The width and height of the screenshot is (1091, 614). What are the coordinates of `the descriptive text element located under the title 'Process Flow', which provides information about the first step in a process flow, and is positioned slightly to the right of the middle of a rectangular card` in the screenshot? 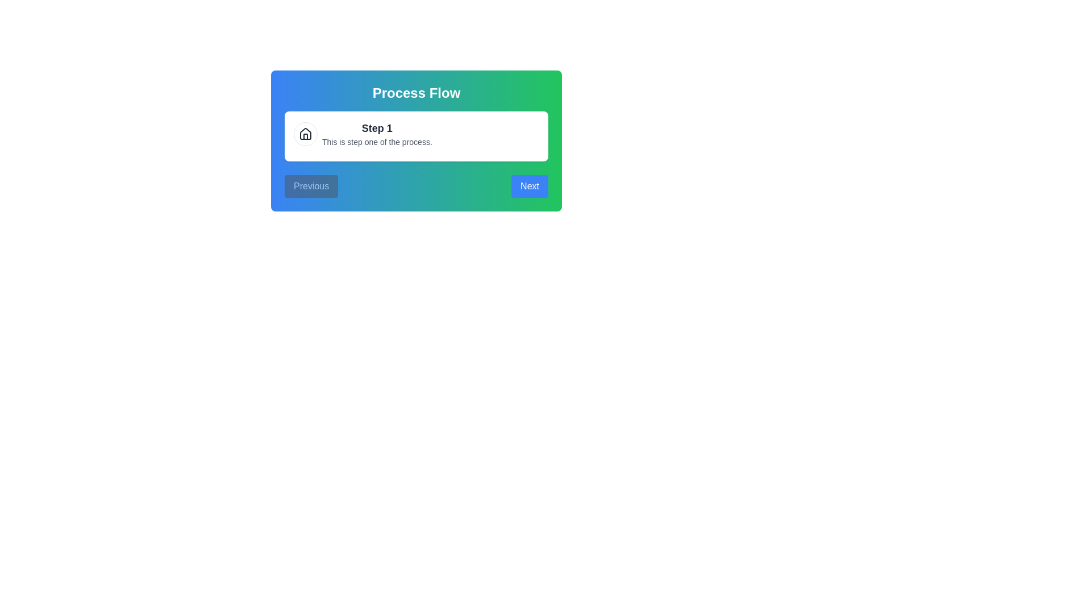 It's located at (377, 133).